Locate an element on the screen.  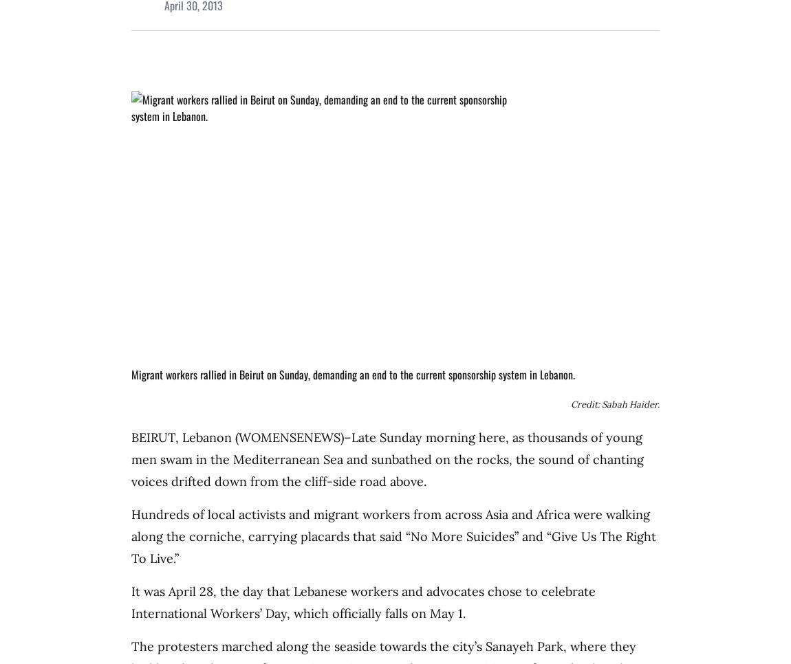
'Sanayeh Park' is located at coordinates (523, 646).